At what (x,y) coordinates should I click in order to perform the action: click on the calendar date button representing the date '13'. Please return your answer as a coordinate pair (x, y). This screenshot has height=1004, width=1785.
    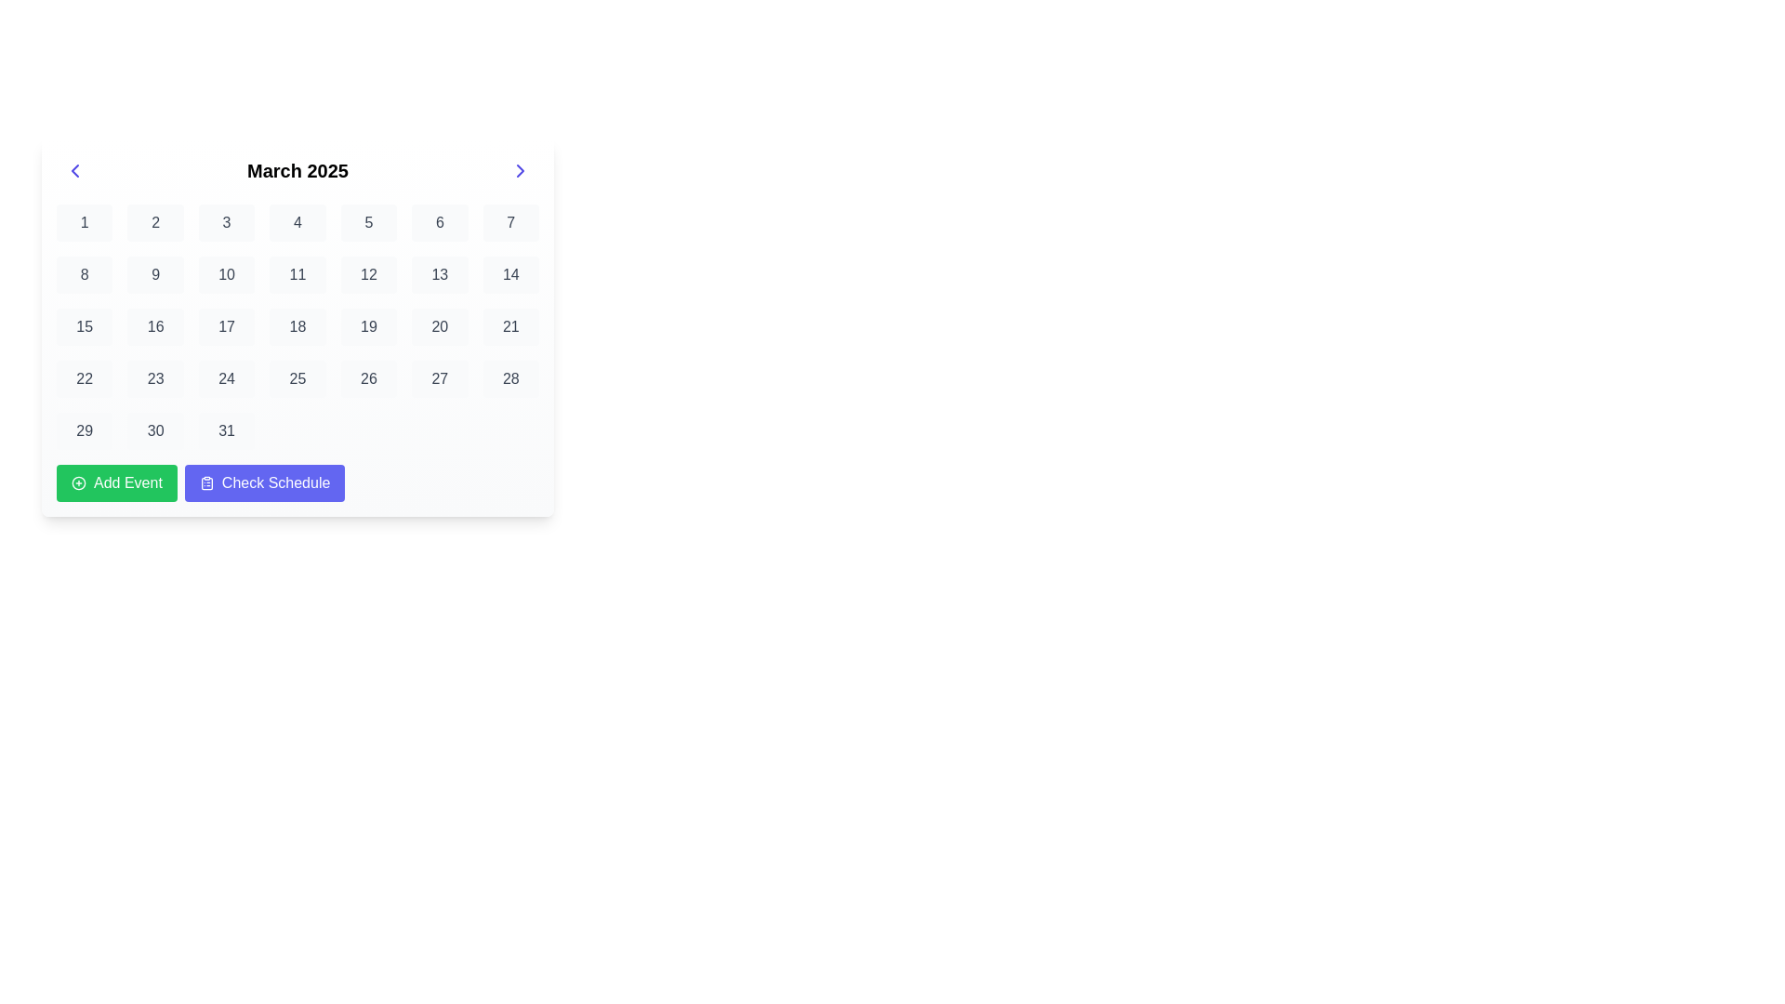
    Looking at the image, I should click on (439, 275).